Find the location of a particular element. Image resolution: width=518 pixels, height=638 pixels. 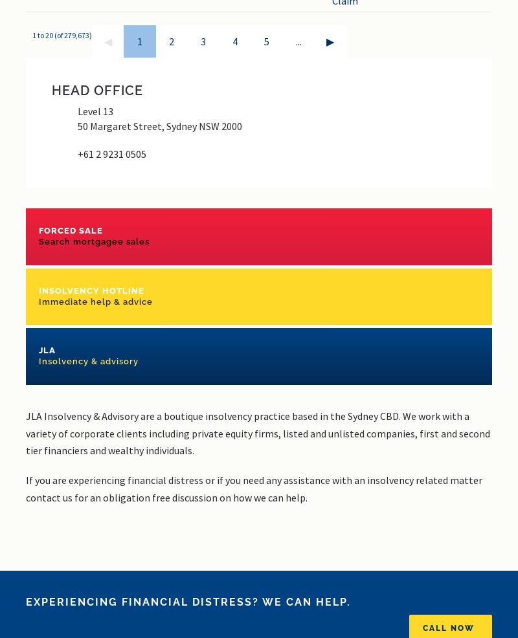

'Immediate help & advice' is located at coordinates (38, 301).